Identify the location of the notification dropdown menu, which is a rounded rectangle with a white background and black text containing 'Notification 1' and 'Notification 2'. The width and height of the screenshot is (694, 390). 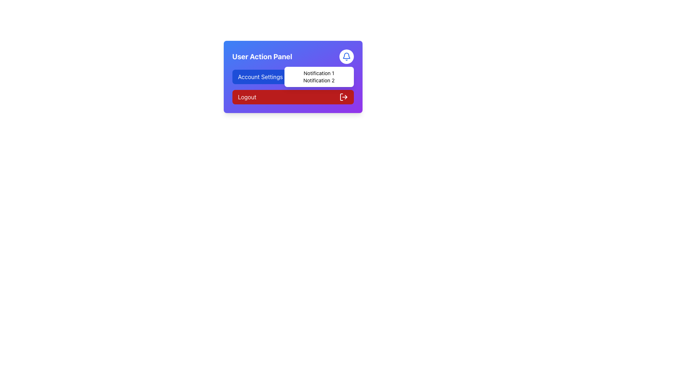
(318, 77).